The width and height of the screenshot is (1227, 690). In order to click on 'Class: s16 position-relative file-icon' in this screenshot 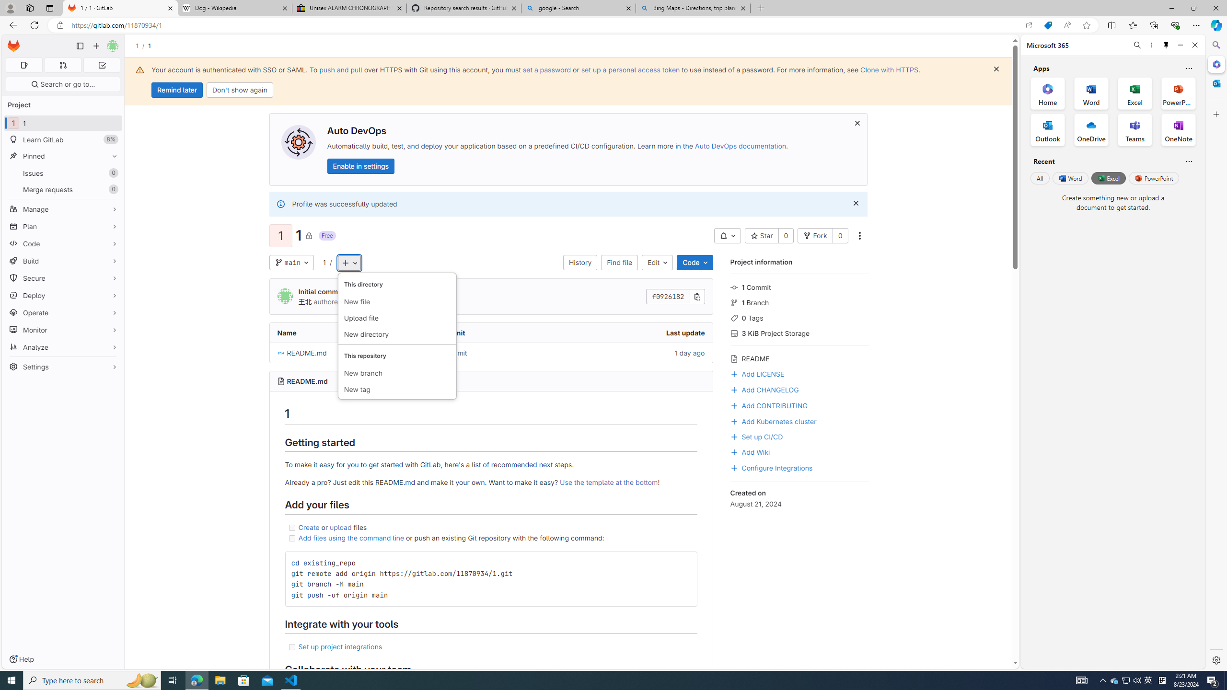, I will do `click(281, 353)`.